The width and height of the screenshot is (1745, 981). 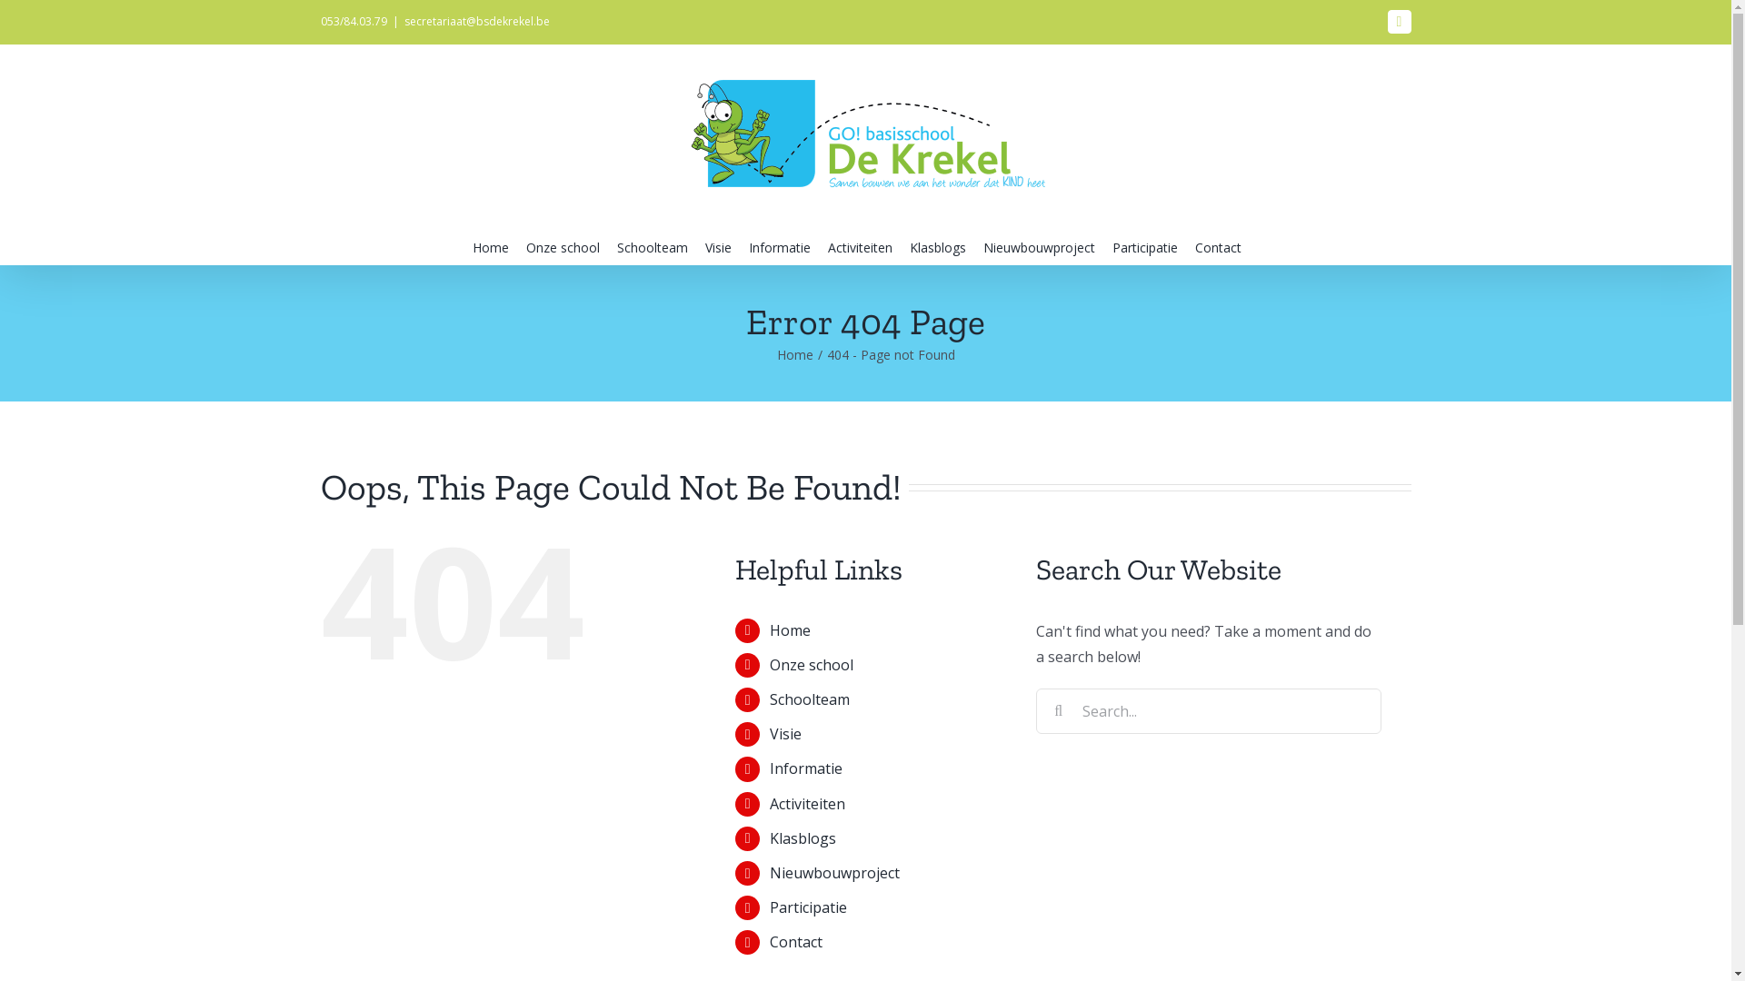 I want to click on 'Schoolteam', so click(x=809, y=699).